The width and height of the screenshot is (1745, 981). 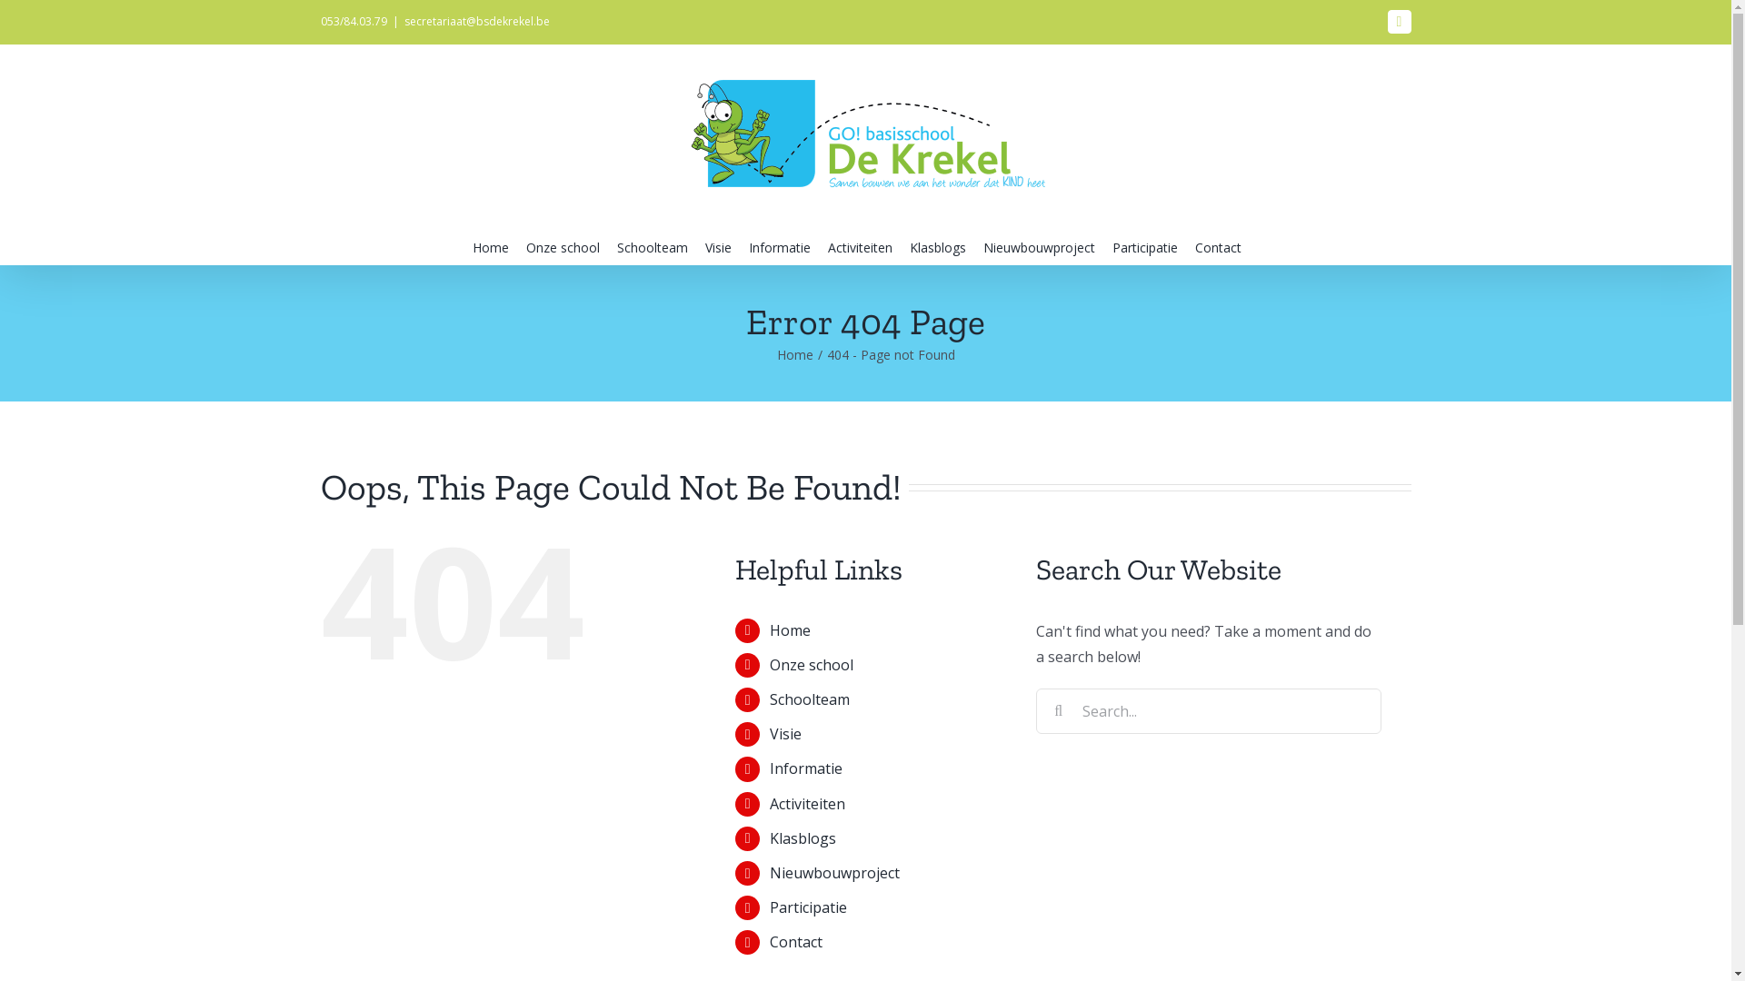 I want to click on 'Schoolteam', so click(x=809, y=699).